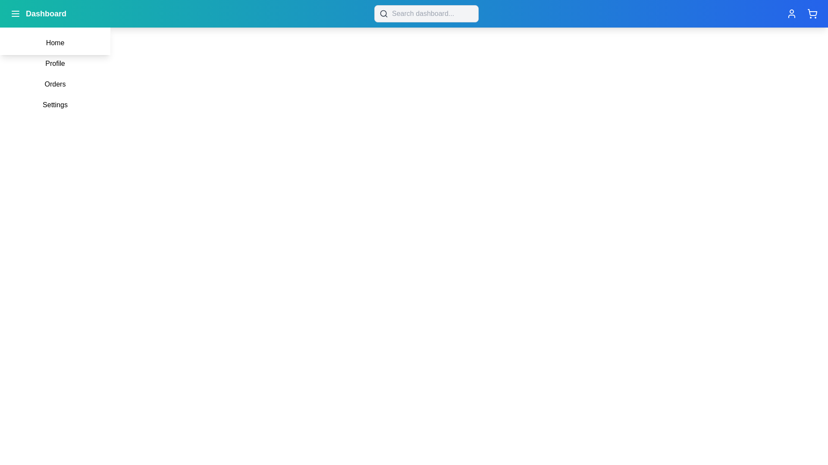 The width and height of the screenshot is (828, 465). What do you see at coordinates (812, 12) in the screenshot?
I see `the main body of the shopping cart icon located in the top-right corner of the navigation bar` at bounding box center [812, 12].